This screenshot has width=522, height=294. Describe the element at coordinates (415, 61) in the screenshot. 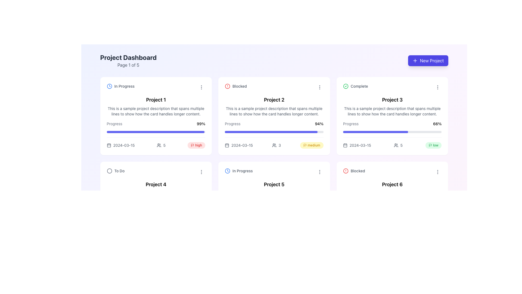

I see `the centered plus icon located within the top-right corner button labeled 'New Project'` at that location.